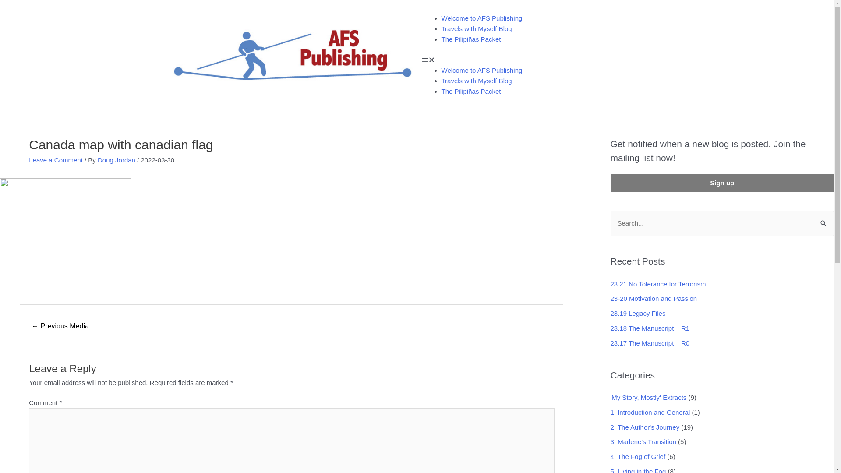 This screenshot has height=473, width=841. What do you see at coordinates (55, 160) in the screenshot?
I see `'Leave a Comment'` at bounding box center [55, 160].